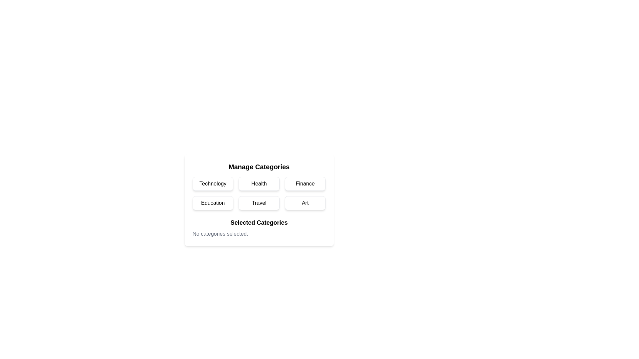 The width and height of the screenshot is (639, 359). I want to click on the 'Travel' button, which is a rectangular button with rounded corners, white background, light gray border, and black text, located in the middle column of the grid under 'Manage Categories.', so click(259, 202).